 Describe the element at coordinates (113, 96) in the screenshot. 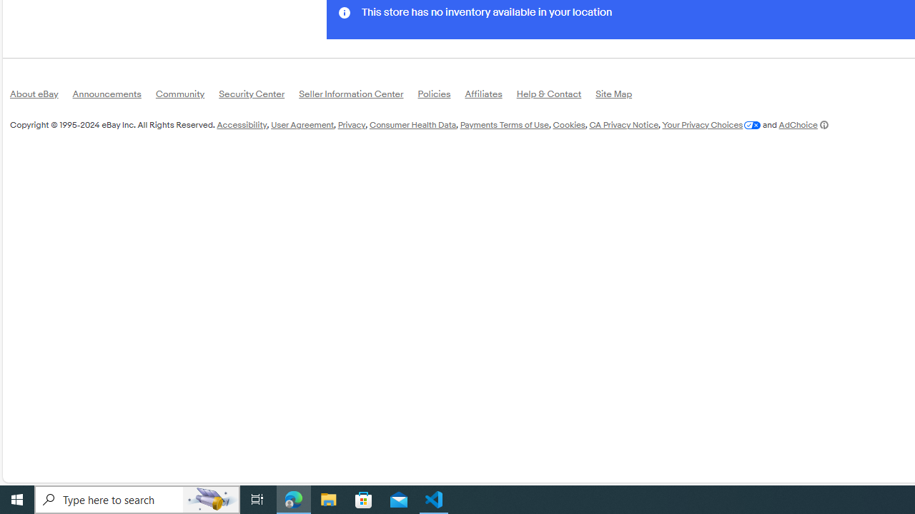

I see `'Announcements'` at that location.